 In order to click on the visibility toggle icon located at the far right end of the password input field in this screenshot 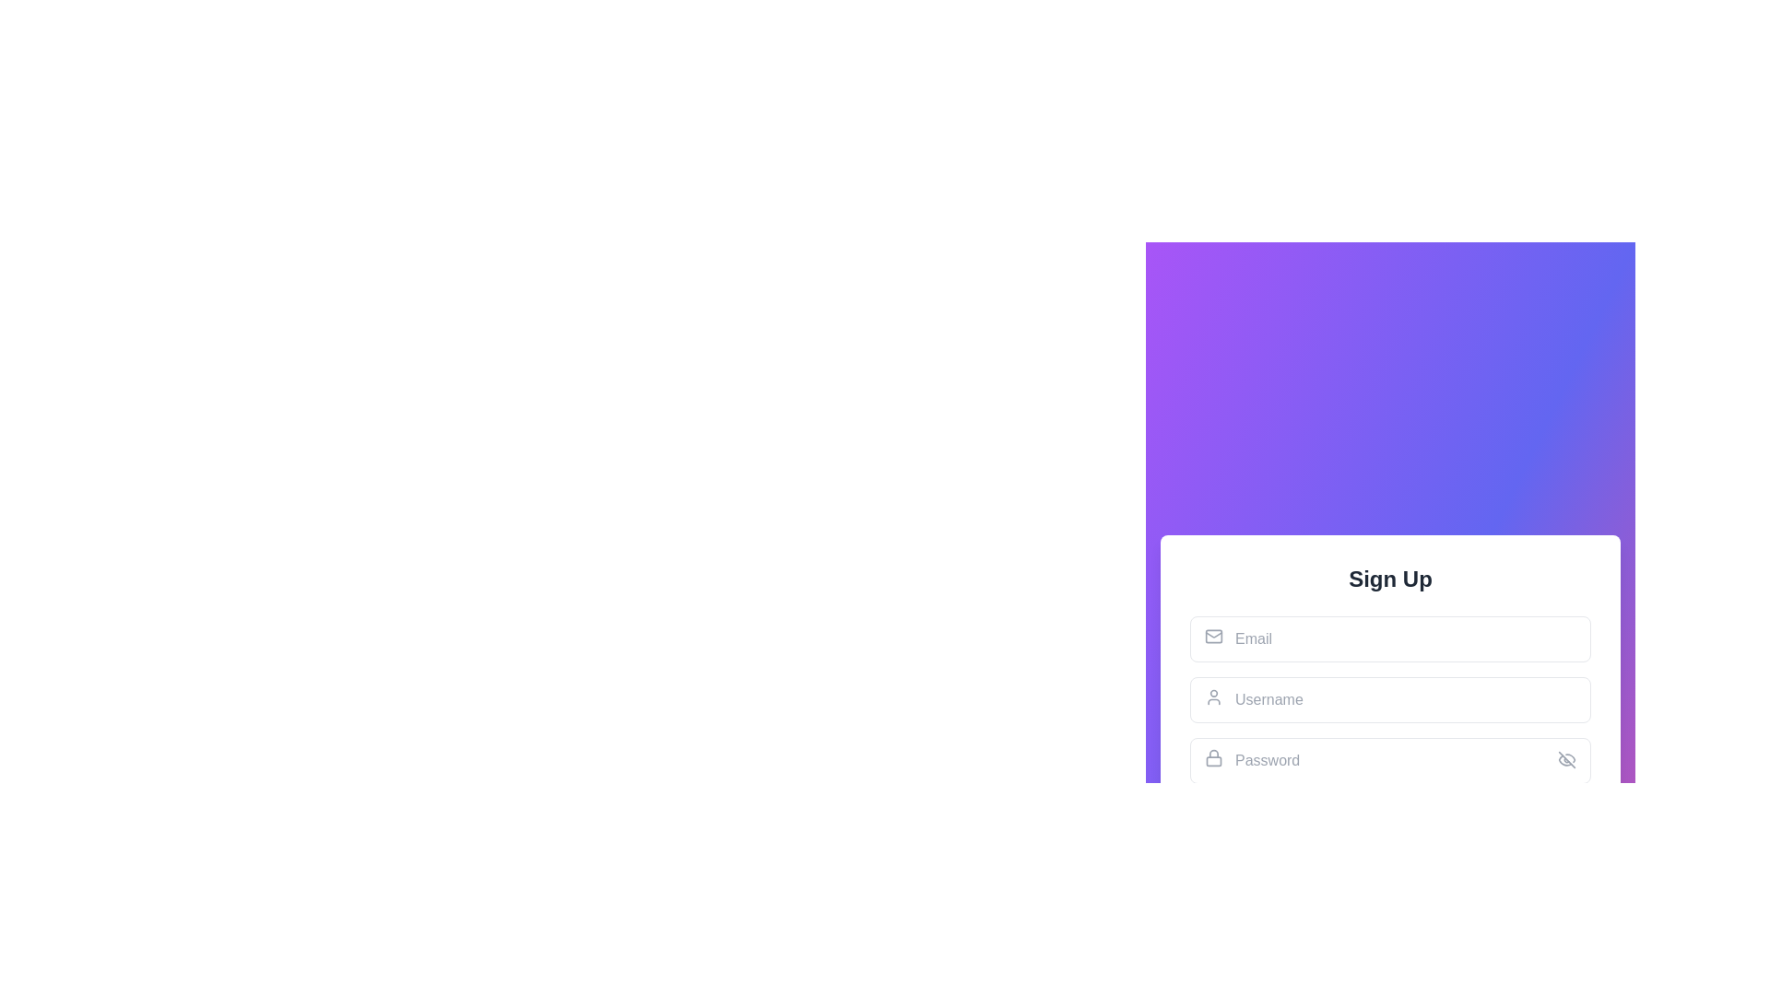, I will do `click(1565, 760)`.